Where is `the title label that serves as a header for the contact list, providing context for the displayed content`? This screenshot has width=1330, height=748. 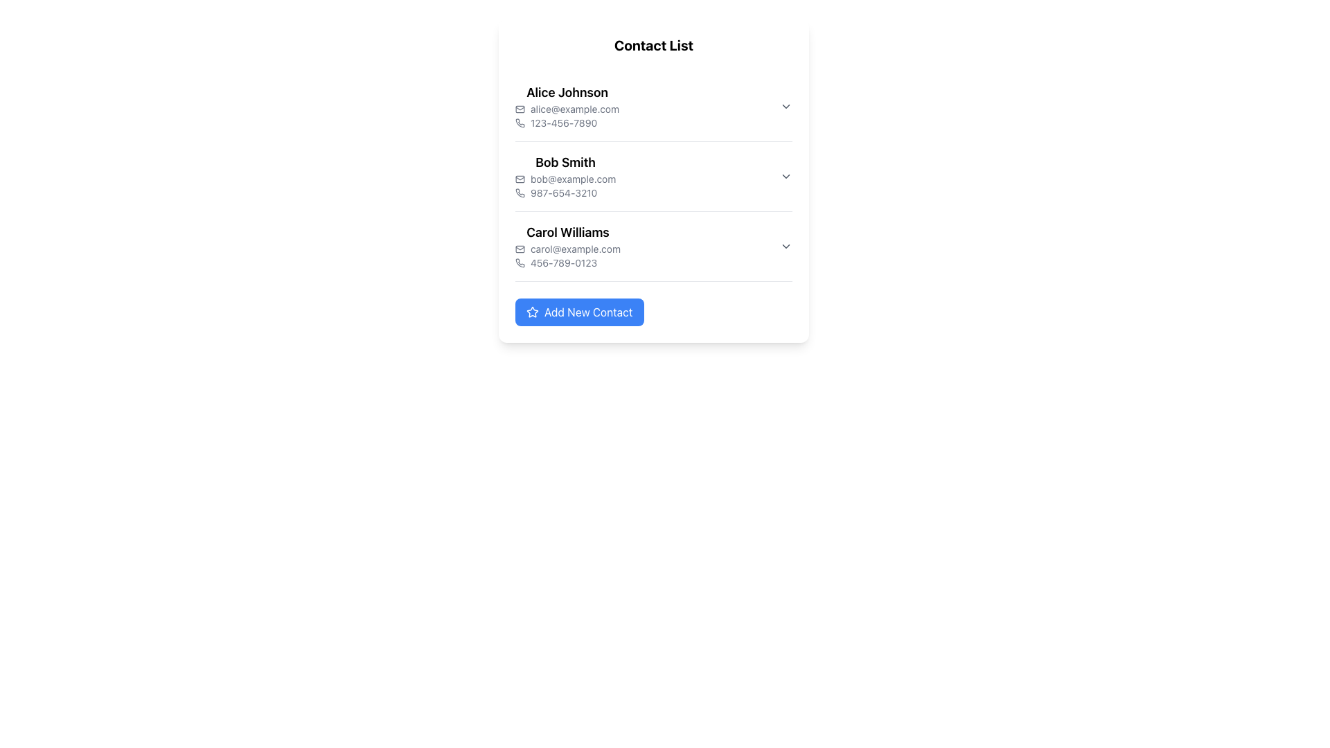
the title label that serves as a header for the contact list, providing context for the displayed content is located at coordinates (653, 44).